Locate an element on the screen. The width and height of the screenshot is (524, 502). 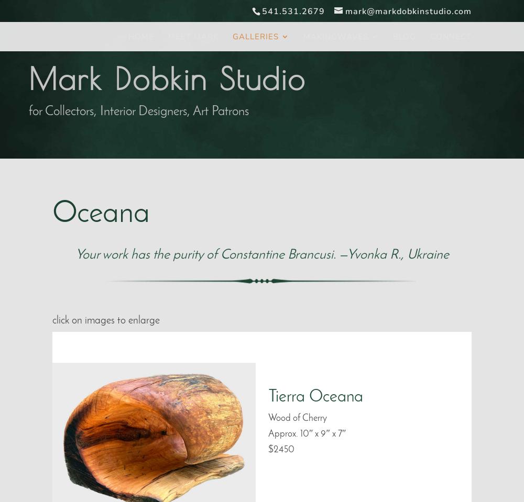
'Blog' is located at coordinates (405, 37).